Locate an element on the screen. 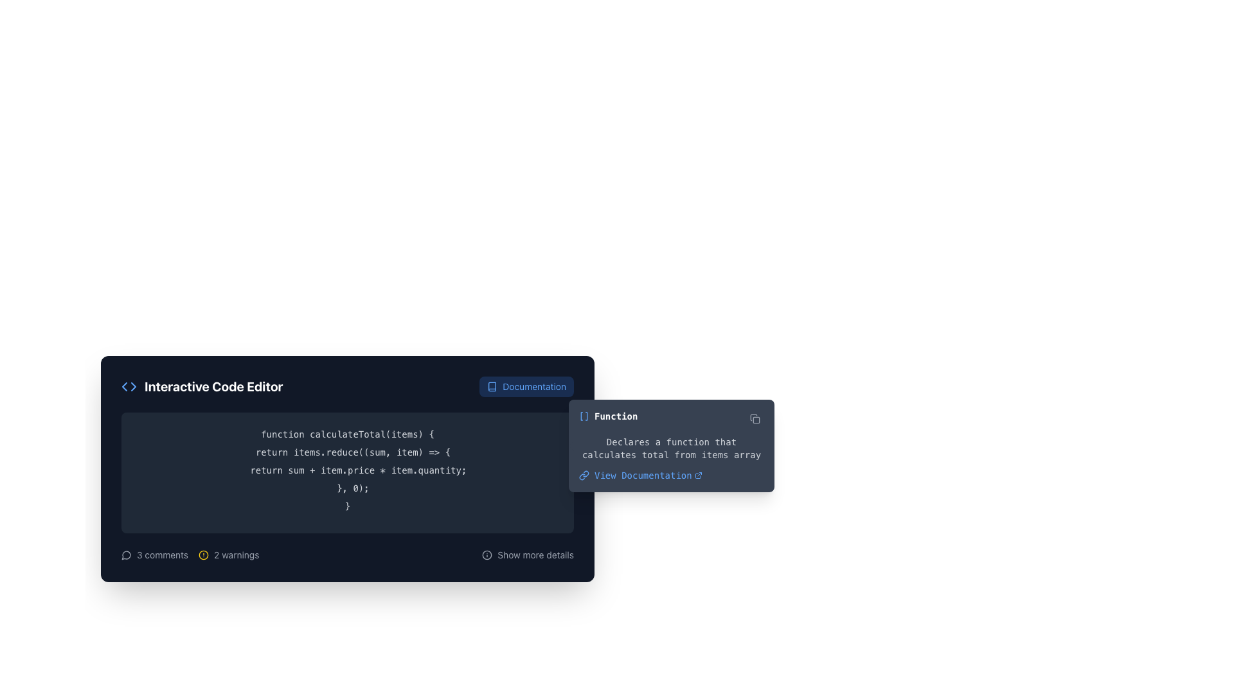 The height and width of the screenshot is (694, 1234). the code block displaying a JavaScript function to focus on it within the Interactive Code Editor interface is located at coordinates (348, 473).